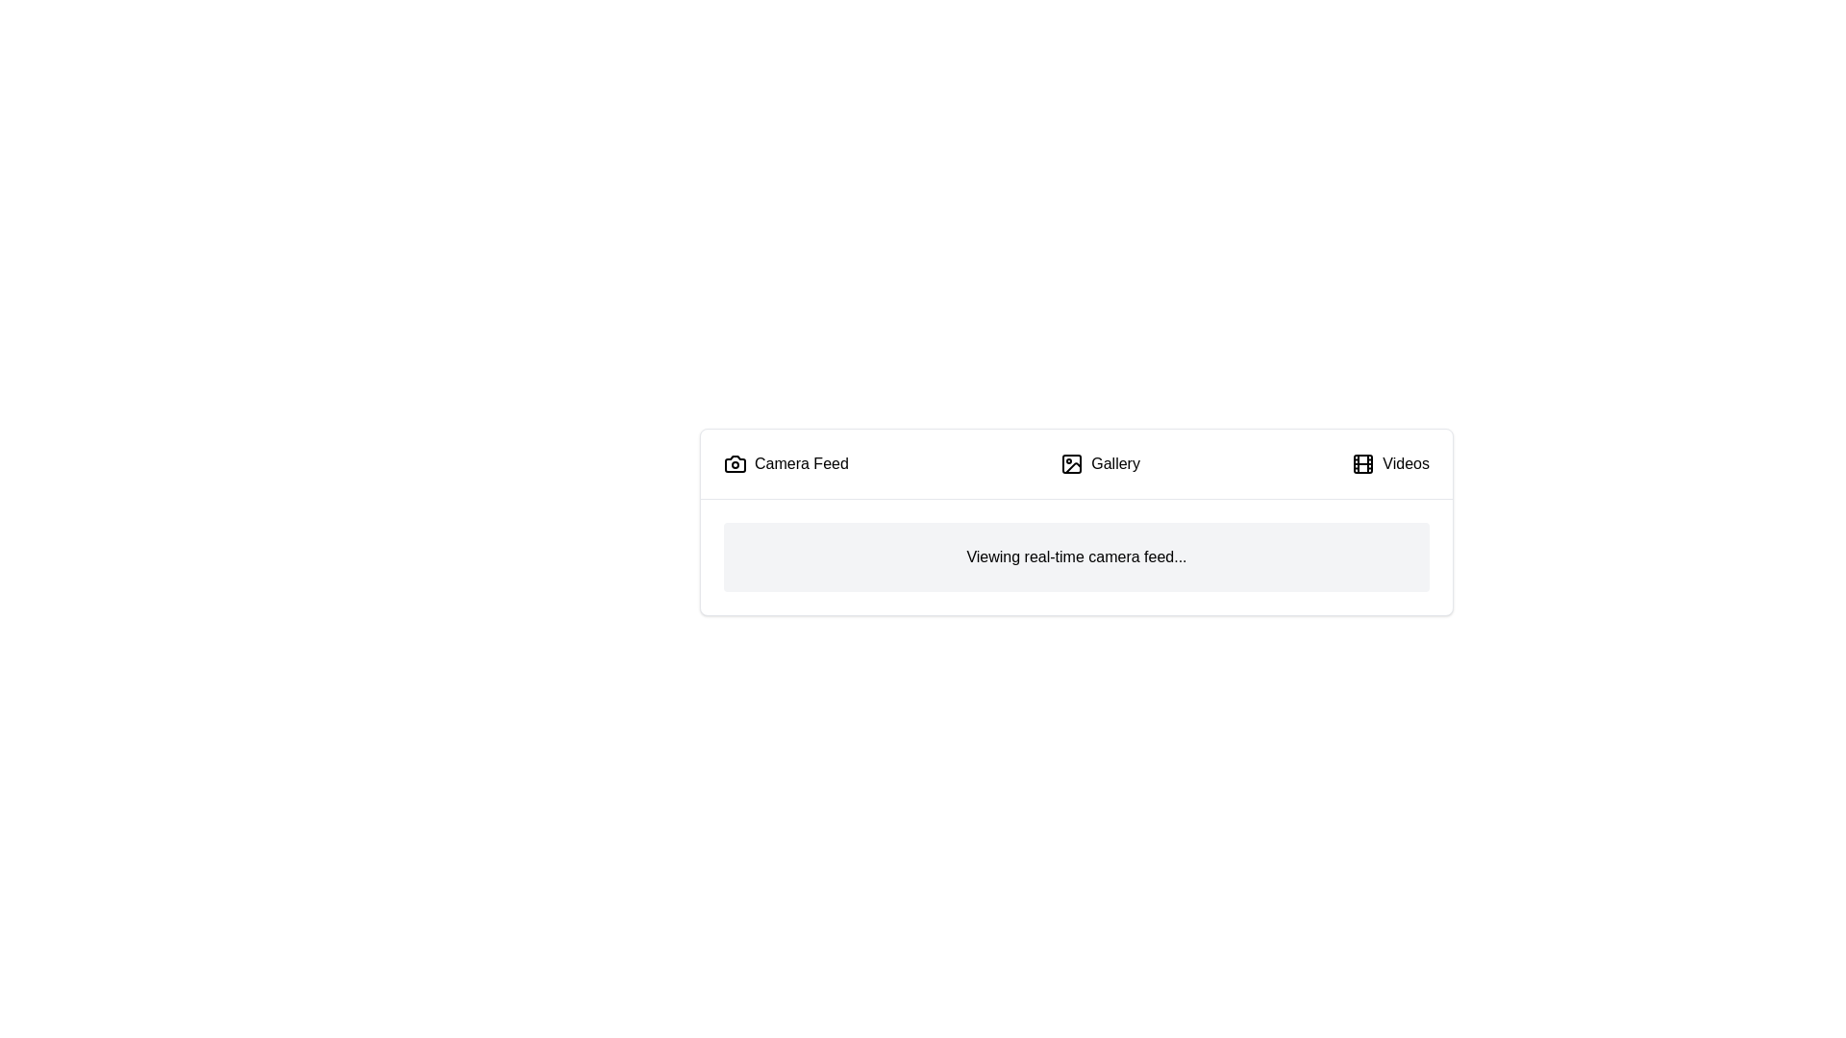 The image size is (1846, 1038). What do you see at coordinates (1389, 463) in the screenshot?
I see `the Videos tab by clicking on it` at bounding box center [1389, 463].